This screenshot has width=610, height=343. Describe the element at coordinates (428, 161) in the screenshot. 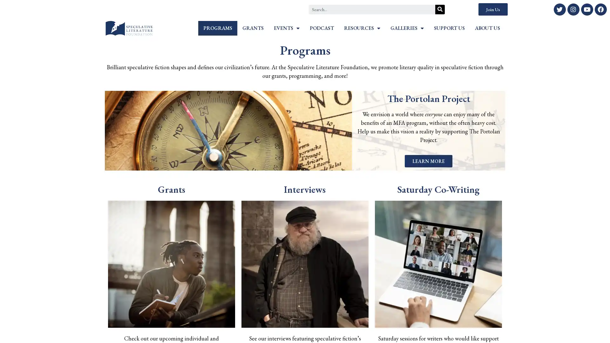

I see `LEARN MORE` at that location.